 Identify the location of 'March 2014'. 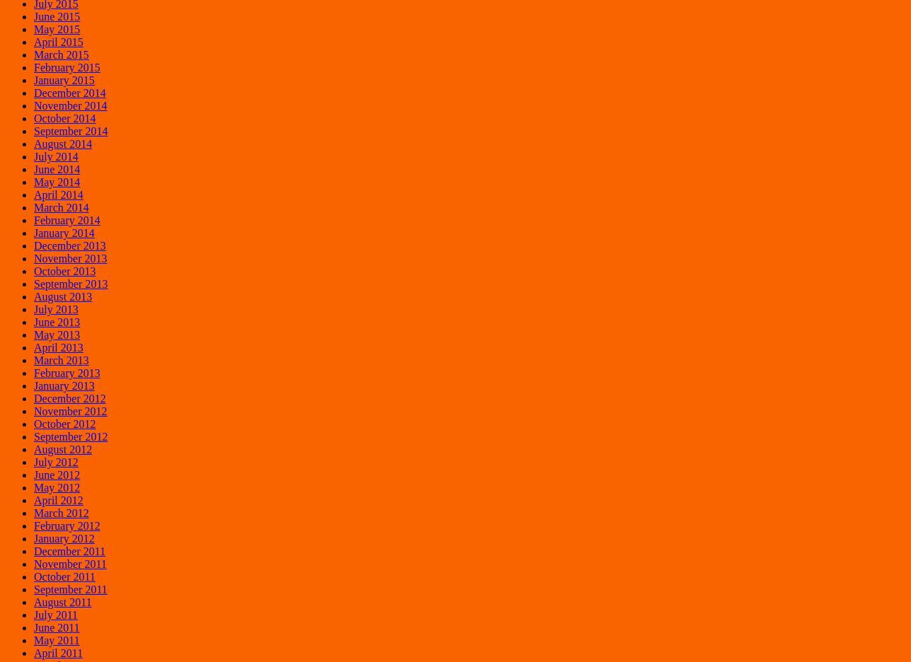
(61, 207).